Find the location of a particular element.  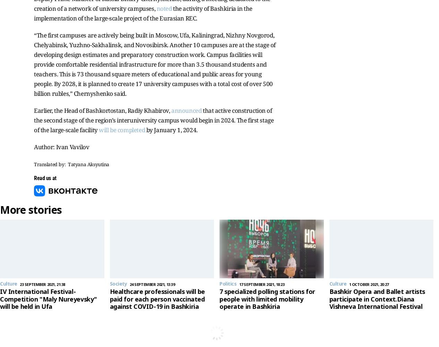

'that active construction of the second stage of the region’s interuniversity campus would begin in 2024. The first stage of the large-scale facility' is located at coordinates (153, 120).